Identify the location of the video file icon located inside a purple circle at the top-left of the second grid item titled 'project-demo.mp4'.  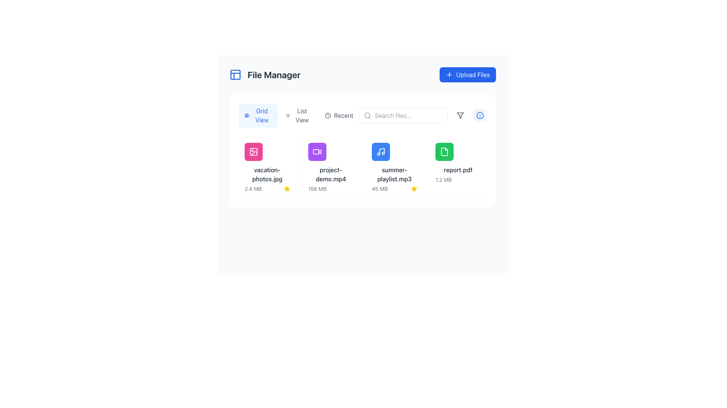
(317, 151).